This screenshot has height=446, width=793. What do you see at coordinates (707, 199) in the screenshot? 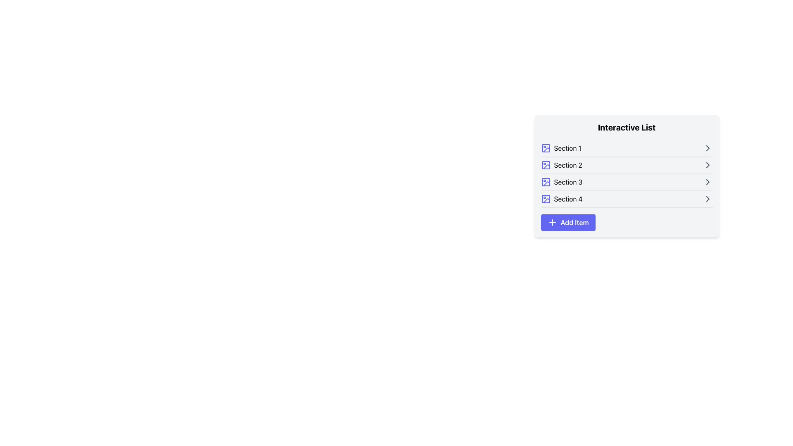
I see `the rightmost interactive icon in the row labeled 'Section 4'` at bounding box center [707, 199].